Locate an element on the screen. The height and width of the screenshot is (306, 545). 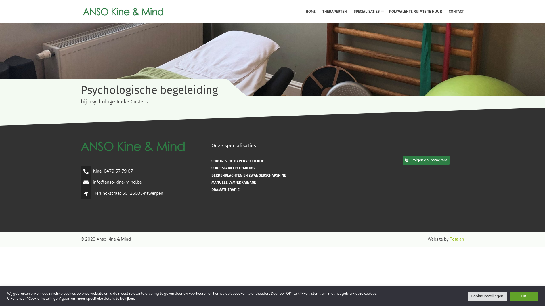
'info@anso-kine-mind.be' is located at coordinates (117, 182).